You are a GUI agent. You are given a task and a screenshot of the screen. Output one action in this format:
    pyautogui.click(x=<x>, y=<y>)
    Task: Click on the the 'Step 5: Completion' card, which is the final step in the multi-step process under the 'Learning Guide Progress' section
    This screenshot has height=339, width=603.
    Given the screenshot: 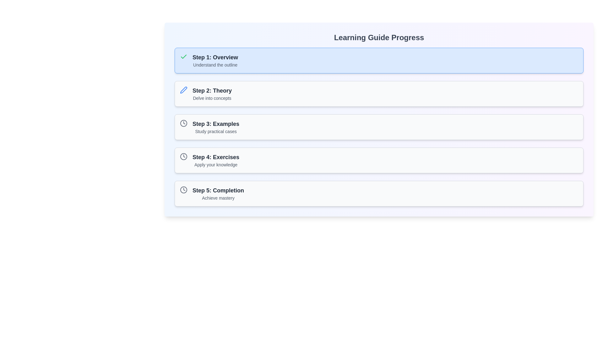 What is the action you would take?
    pyautogui.click(x=378, y=193)
    